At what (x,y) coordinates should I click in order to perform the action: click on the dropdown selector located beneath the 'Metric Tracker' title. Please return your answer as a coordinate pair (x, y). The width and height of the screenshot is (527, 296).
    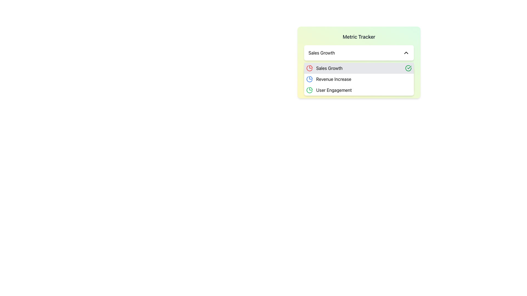
    Looking at the image, I should click on (359, 53).